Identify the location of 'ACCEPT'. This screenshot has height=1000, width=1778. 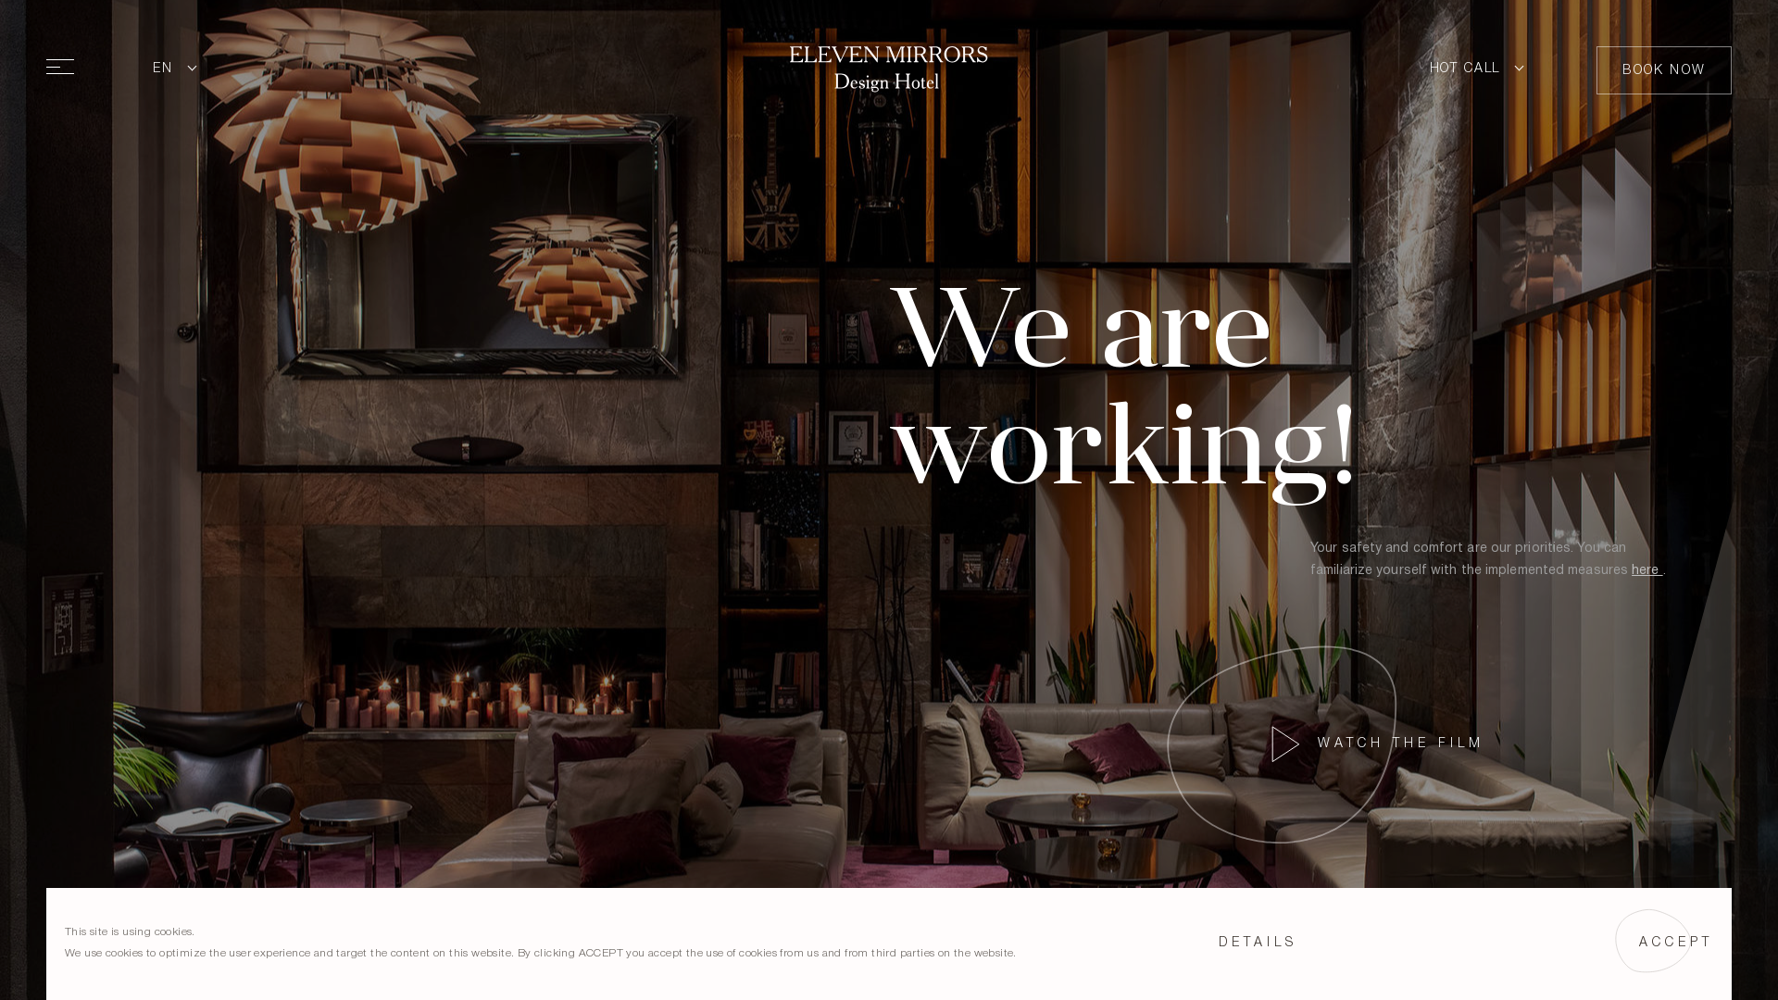
(1675, 943).